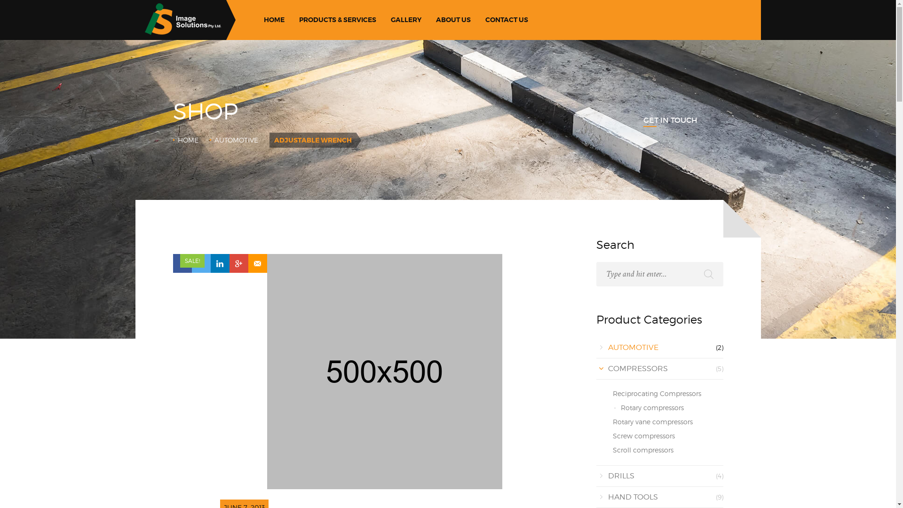  I want to click on 'Share by Email', so click(248, 263).